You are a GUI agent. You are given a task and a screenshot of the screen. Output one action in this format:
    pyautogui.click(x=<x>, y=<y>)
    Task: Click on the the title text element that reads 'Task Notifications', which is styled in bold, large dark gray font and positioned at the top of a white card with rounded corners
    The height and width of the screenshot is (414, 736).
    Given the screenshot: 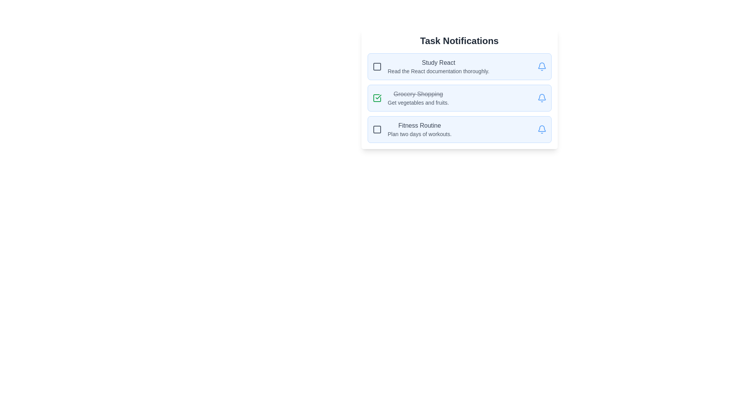 What is the action you would take?
    pyautogui.click(x=459, y=41)
    